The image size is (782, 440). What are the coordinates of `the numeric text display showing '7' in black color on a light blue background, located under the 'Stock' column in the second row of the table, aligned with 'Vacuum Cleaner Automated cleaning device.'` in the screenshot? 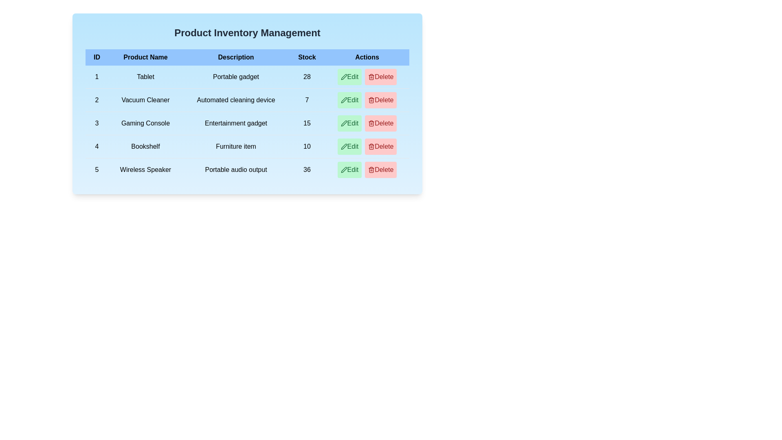 It's located at (306, 100).